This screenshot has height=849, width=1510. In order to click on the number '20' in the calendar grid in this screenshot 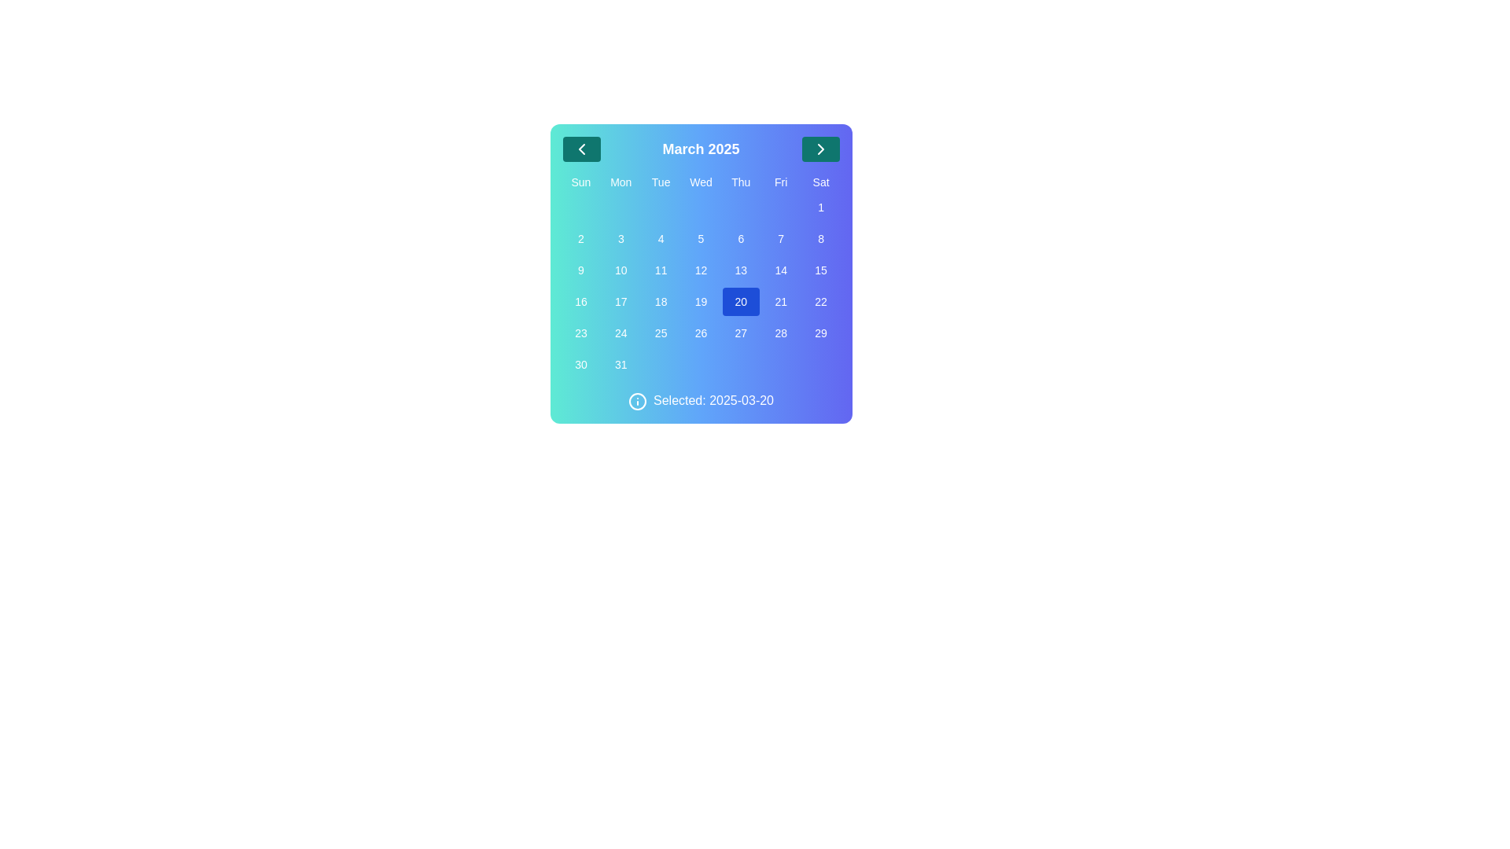, I will do `click(700, 275)`.